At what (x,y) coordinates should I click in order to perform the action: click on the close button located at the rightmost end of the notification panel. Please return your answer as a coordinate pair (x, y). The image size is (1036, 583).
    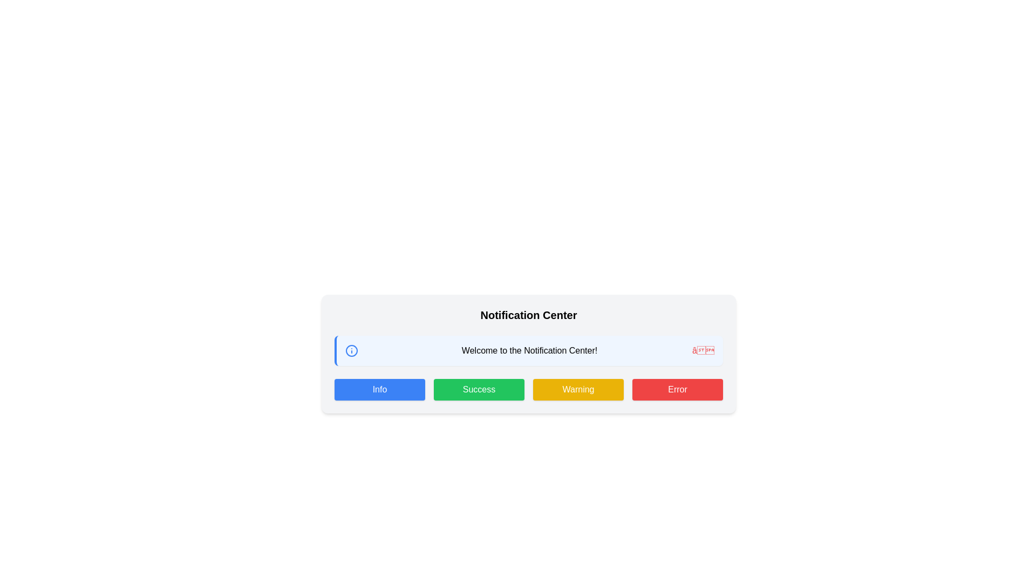
    Looking at the image, I should click on (703, 351).